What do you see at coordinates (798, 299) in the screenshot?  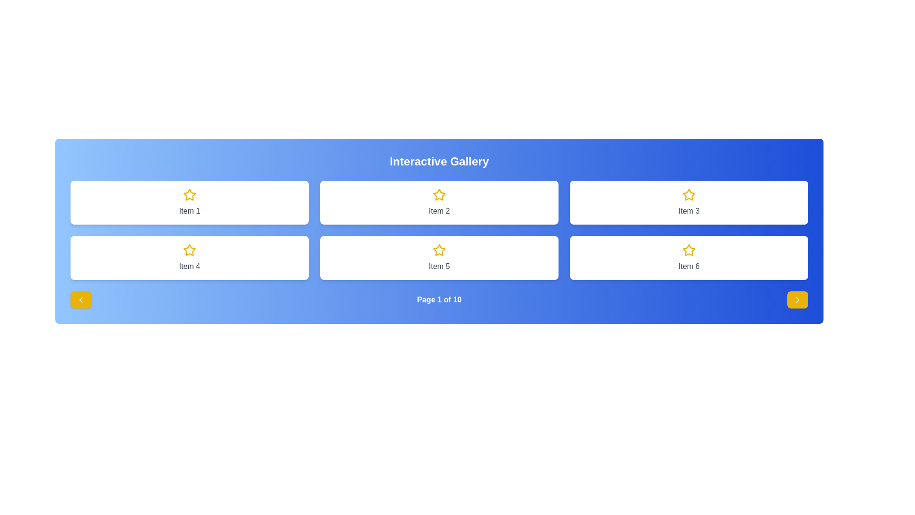 I see `the right-pointing chevron icon within the yellow button located at the bottom-right corner of the interface` at bounding box center [798, 299].